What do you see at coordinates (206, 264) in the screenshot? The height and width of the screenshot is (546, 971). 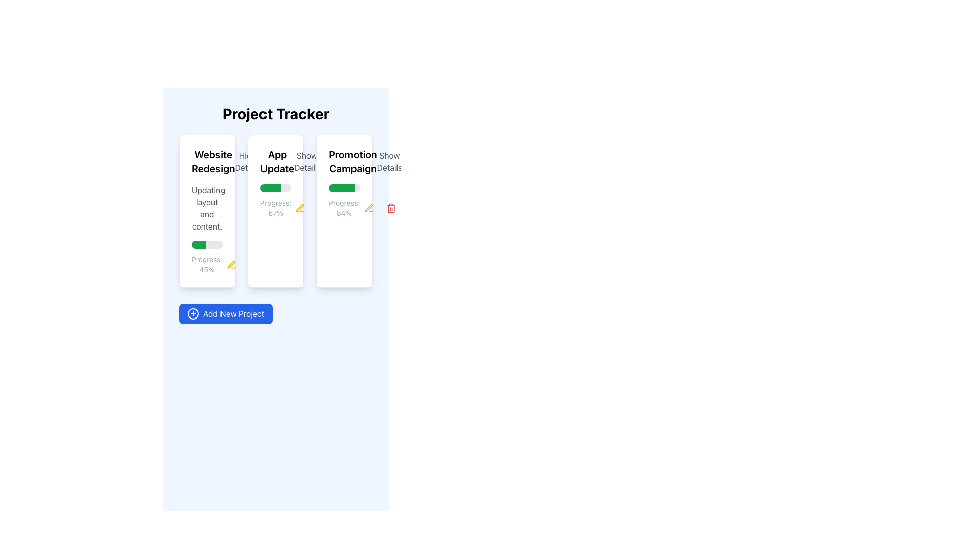 I see `the progress percentage text (45%) in the first card of the 'Project Tracker' component, located directly below the green progress bar and next to the edit icon` at bounding box center [206, 264].